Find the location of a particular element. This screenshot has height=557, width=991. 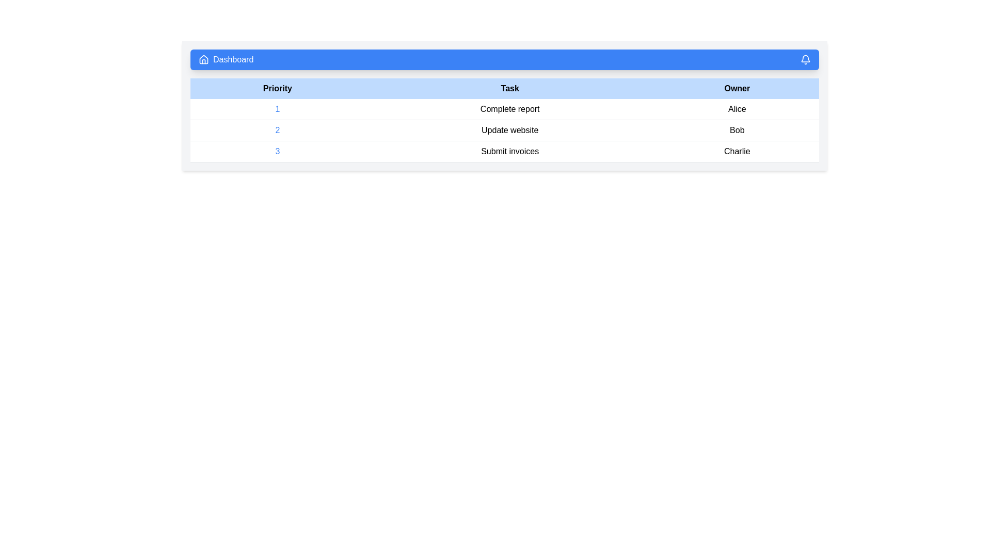

displayed text 'Alice' from the Text Label in the last column of the first row under the 'Owner' header of the table is located at coordinates (737, 109).